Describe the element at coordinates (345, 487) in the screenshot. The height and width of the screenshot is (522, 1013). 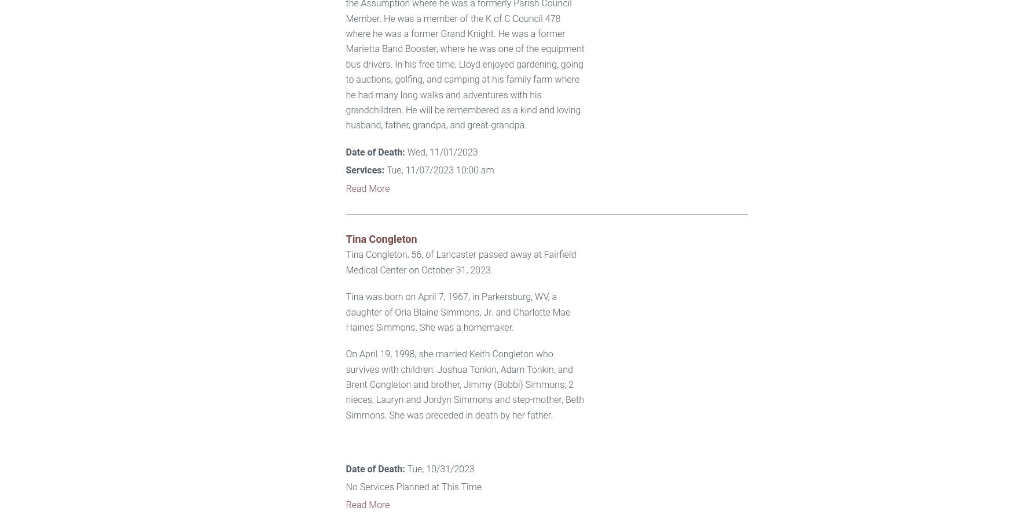
I see `'No Services Planned at This Time'` at that location.